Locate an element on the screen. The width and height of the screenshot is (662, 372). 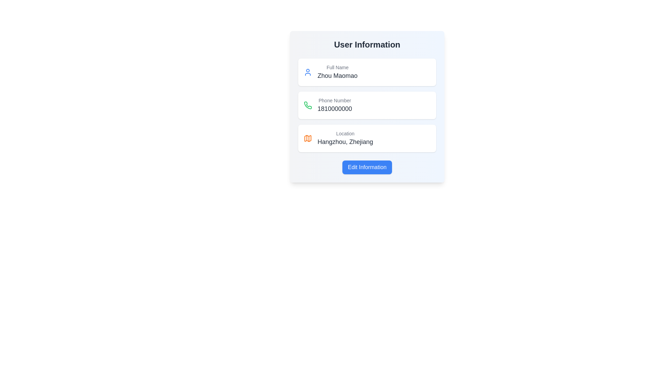
the label identifying the phone number input field, which is located above the phone number '1810000000' in the second section of the form is located at coordinates (335, 101).